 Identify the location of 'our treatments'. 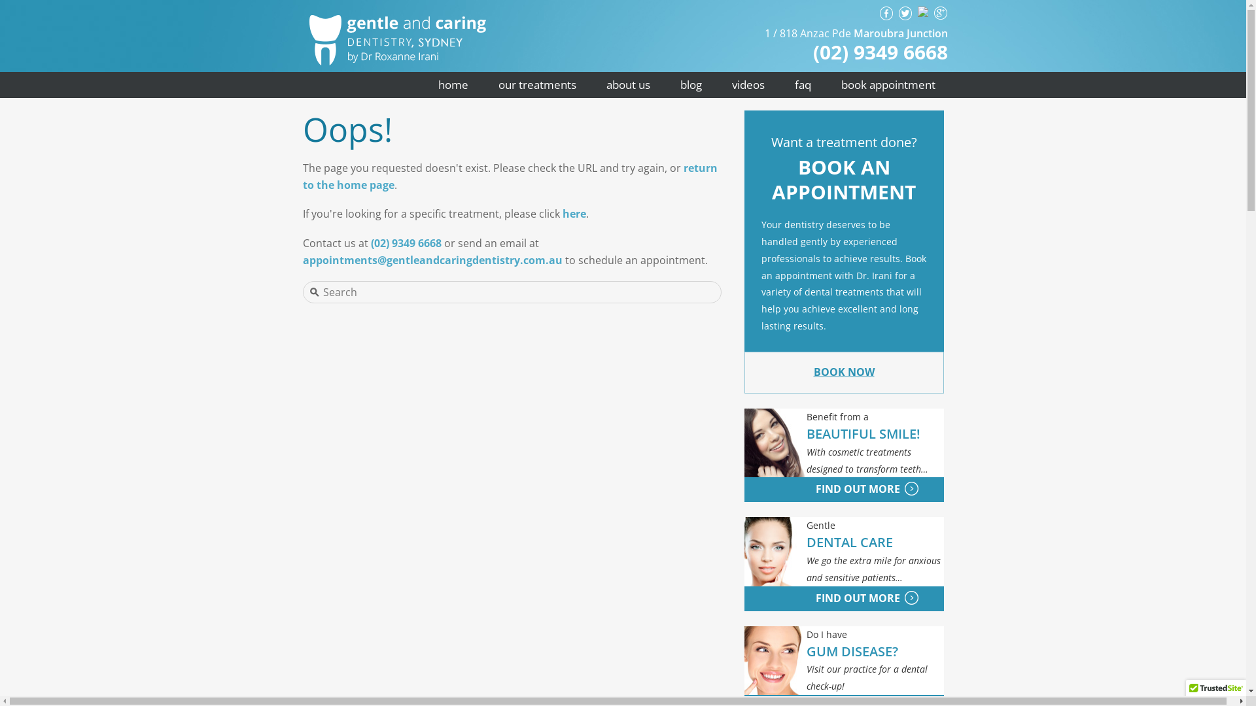
(536, 85).